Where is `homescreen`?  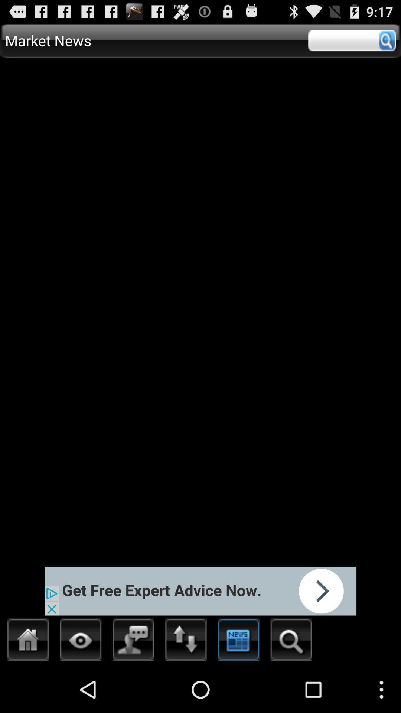 homescreen is located at coordinates (28, 641).